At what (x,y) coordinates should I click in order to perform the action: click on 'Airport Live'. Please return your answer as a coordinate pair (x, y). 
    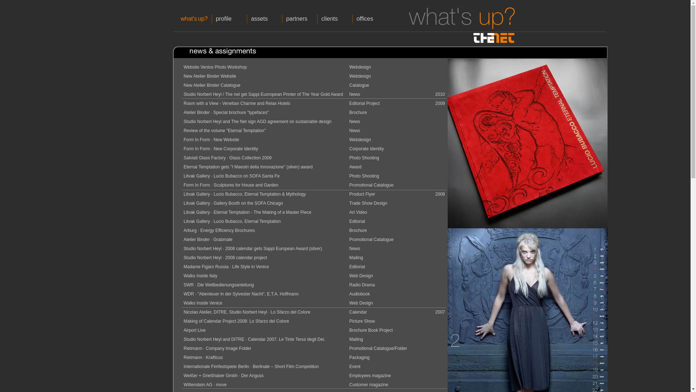
    Looking at the image, I should click on (194, 330).